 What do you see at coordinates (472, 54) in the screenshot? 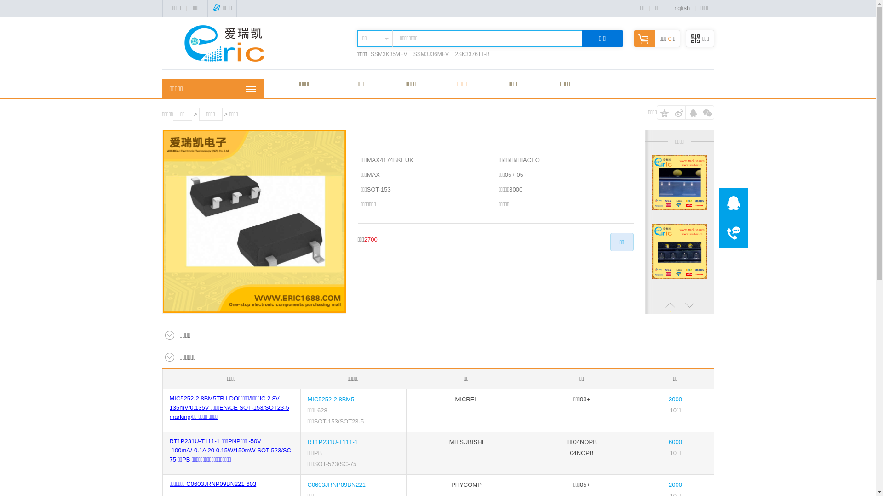
I see `'2SK3376TT-B'` at bounding box center [472, 54].